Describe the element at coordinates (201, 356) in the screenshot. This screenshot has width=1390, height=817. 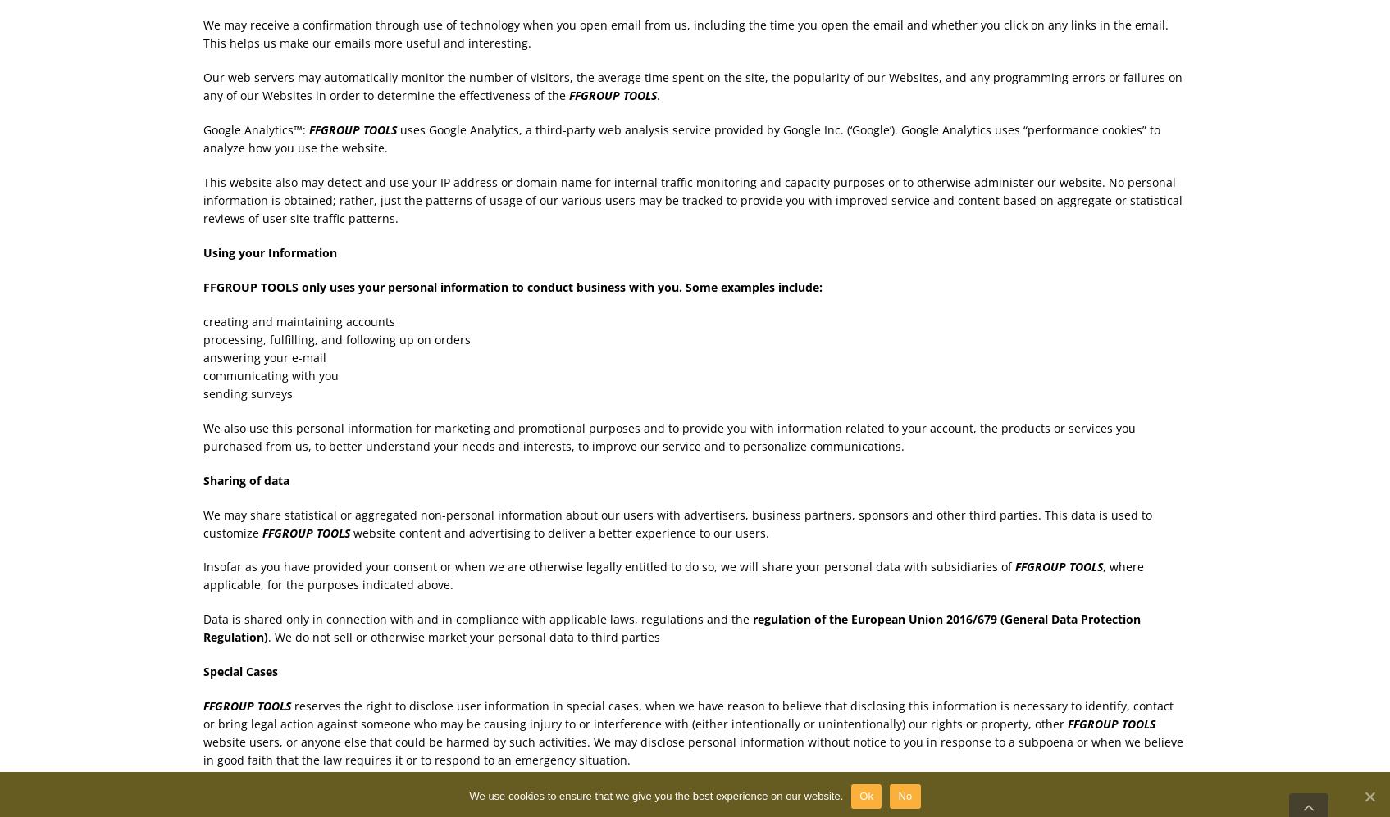
I see `'answering your e-mail'` at that location.